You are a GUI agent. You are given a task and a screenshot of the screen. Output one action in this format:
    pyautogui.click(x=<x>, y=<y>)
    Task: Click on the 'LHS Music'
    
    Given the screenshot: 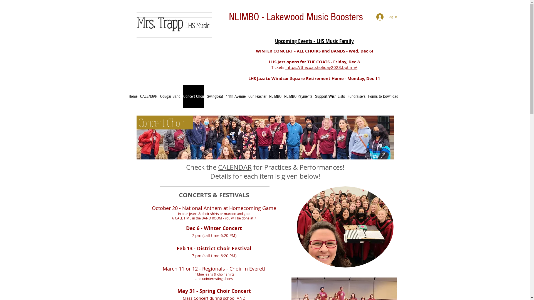 What is the action you would take?
    pyautogui.click(x=185, y=25)
    